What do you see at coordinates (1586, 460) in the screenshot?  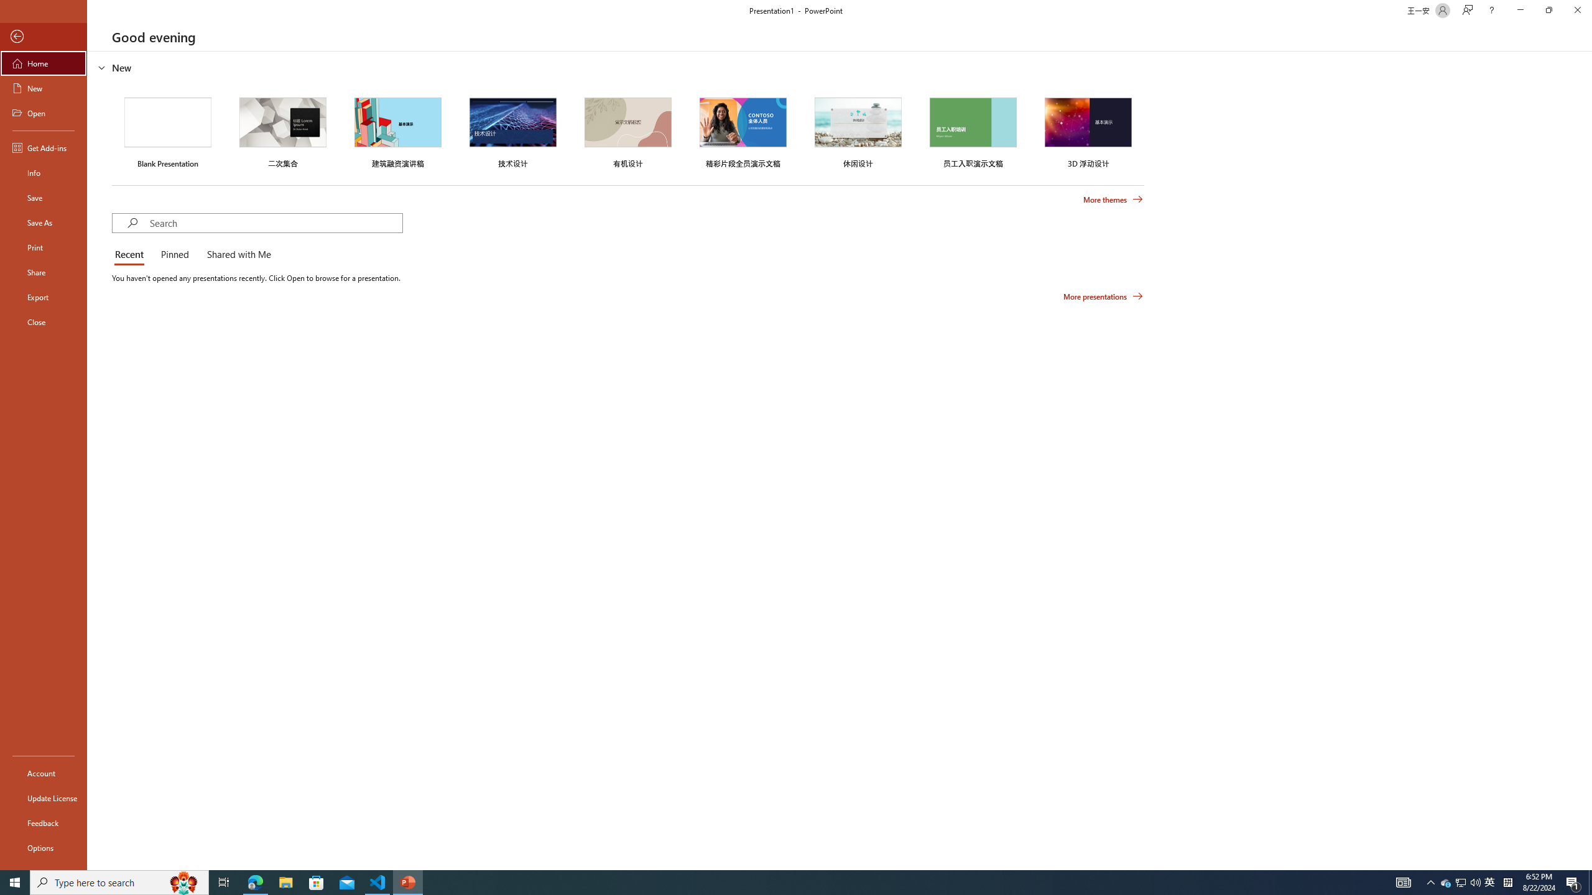 I see `'Class: NetUIScrollBar'` at bounding box center [1586, 460].